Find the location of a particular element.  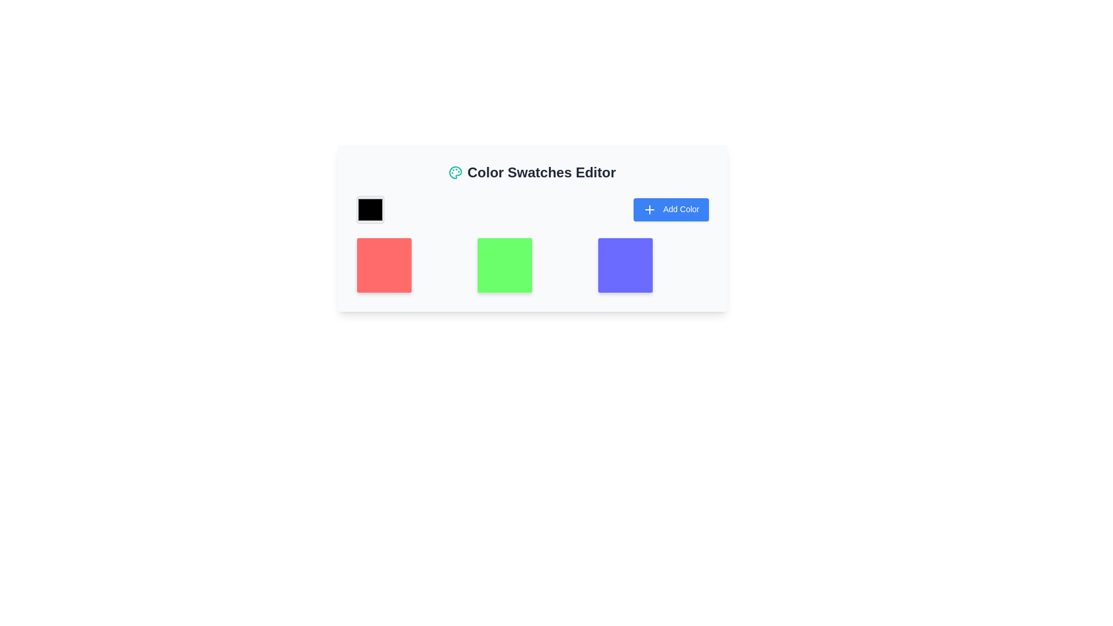

the add color icon located within the blue 'Add Color' button at the top-right of the interface is located at coordinates (650, 210).